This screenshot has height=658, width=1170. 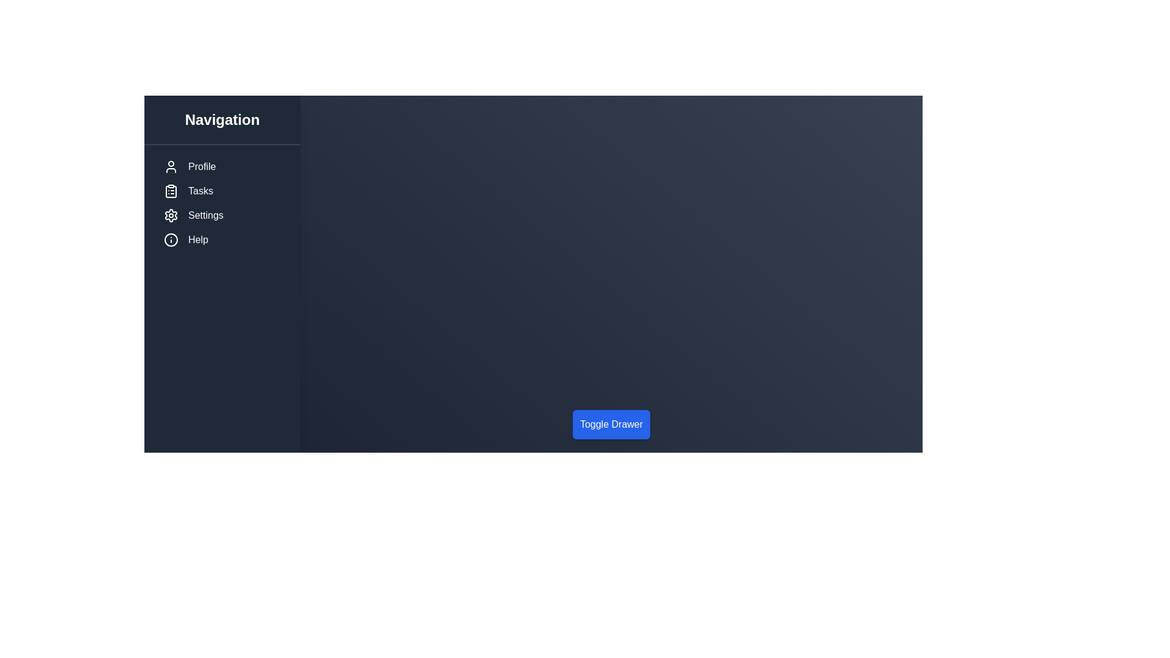 What do you see at coordinates (611, 424) in the screenshot?
I see `'Toggle Drawer' button to toggle the sidebar visibility` at bounding box center [611, 424].